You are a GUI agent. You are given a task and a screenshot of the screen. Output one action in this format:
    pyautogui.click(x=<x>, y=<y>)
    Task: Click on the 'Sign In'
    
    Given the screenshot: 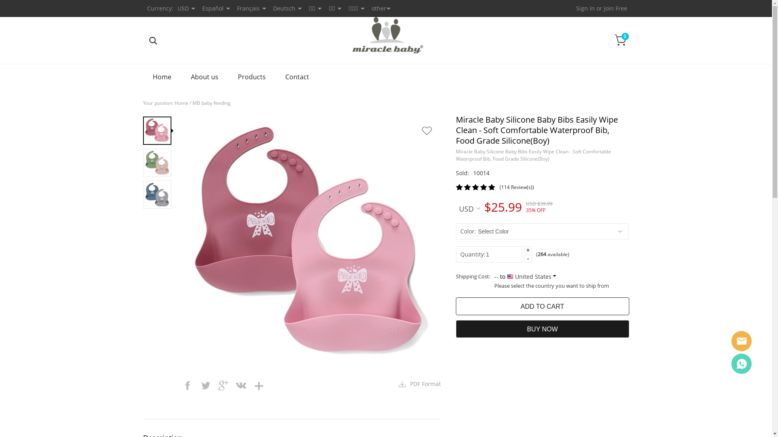 What is the action you would take?
    pyautogui.click(x=585, y=8)
    